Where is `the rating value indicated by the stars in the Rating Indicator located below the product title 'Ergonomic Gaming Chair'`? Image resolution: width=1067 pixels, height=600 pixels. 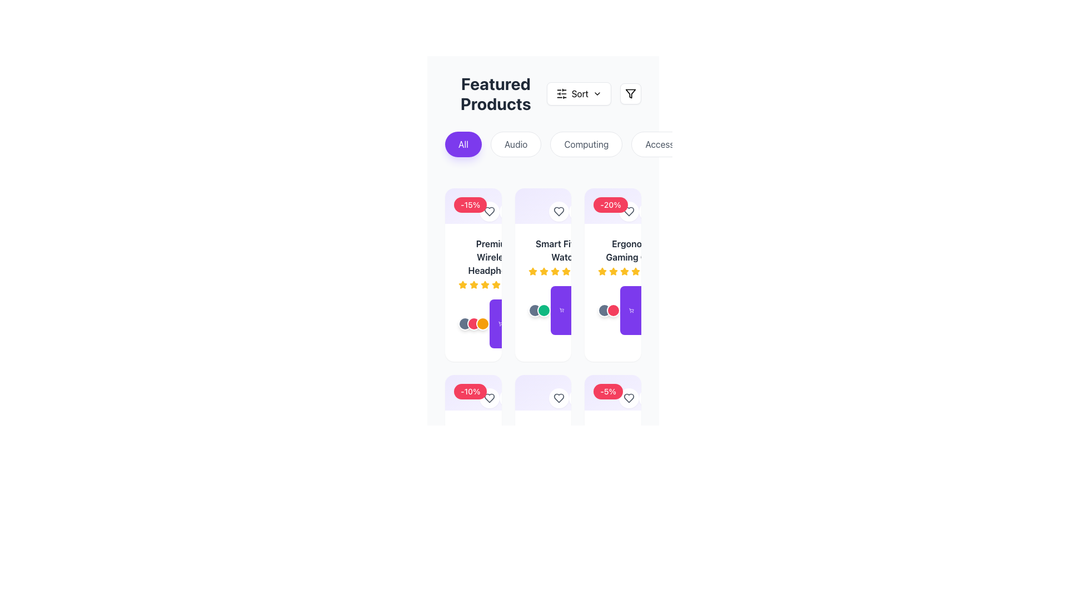 the rating value indicated by the stars in the Rating Indicator located below the product title 'Ergonomic Gaming Chair' is located at coordinates (634, 272).